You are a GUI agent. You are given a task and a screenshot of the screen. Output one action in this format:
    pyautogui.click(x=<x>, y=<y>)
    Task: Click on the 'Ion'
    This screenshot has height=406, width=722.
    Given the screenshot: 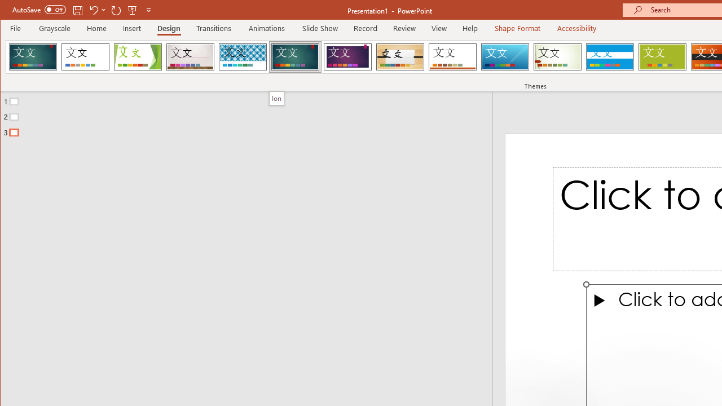 What is the action you would take?
    pyautogui.click(x=276, y=98)
    